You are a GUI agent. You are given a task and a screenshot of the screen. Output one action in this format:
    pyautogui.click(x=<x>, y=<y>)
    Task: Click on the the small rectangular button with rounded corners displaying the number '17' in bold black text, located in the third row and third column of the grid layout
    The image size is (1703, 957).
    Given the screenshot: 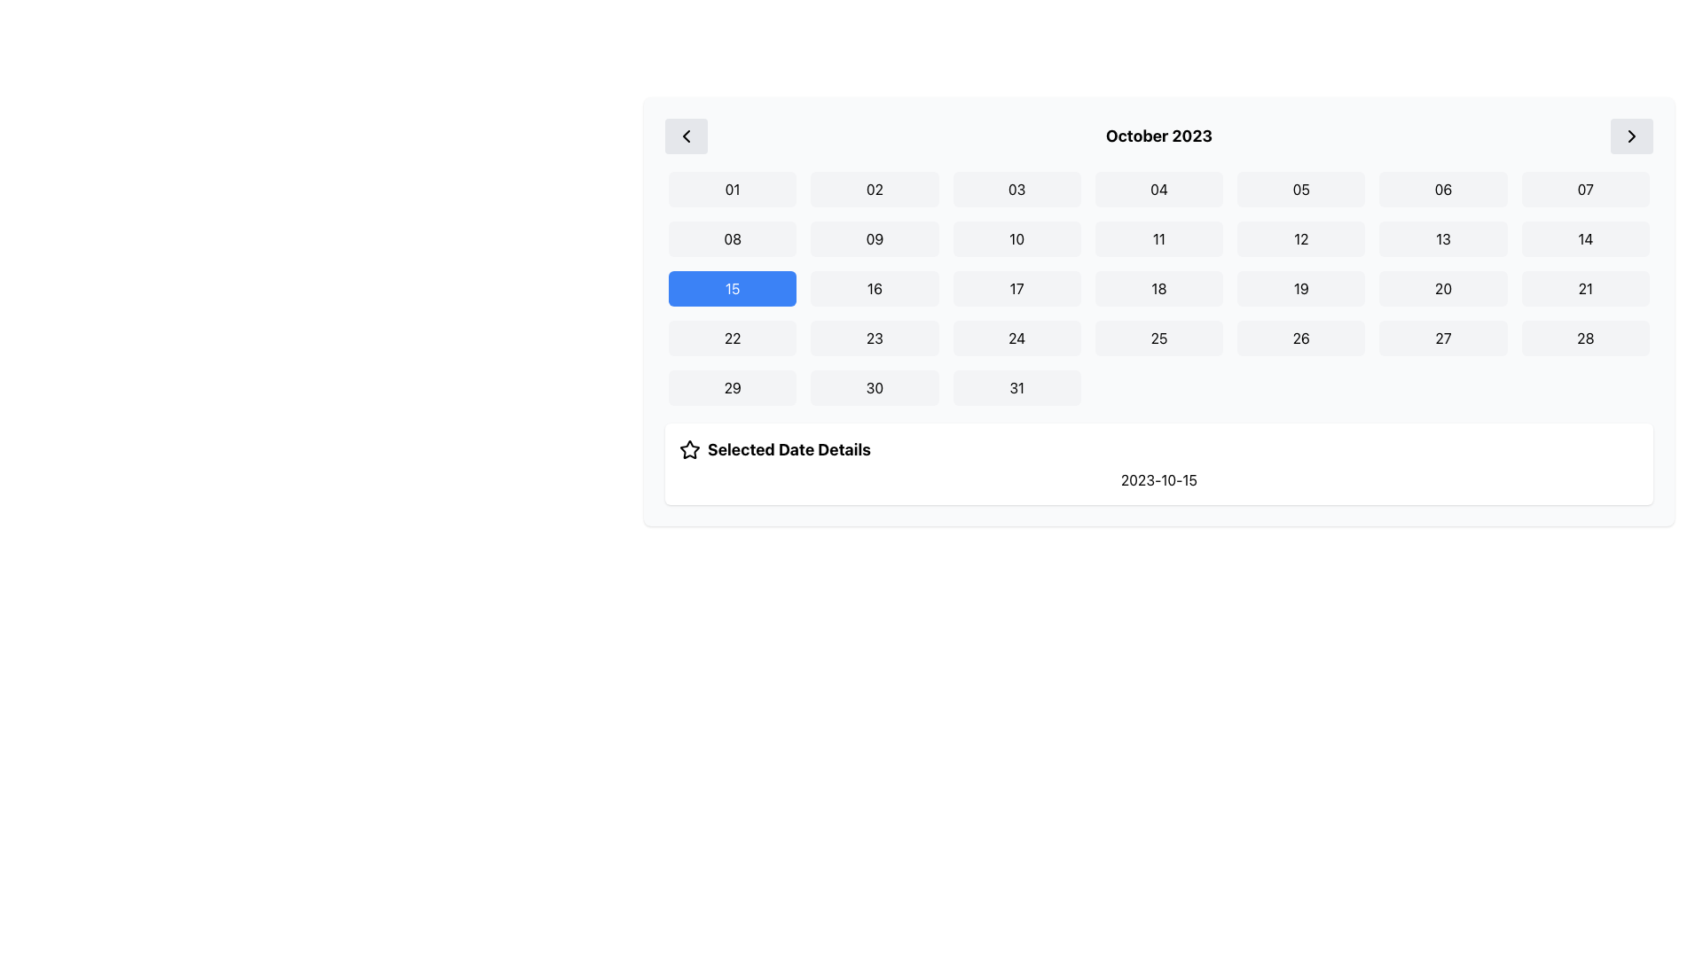 What is the action you would take?
    pyautogui.click(x=1016, y=288)
    